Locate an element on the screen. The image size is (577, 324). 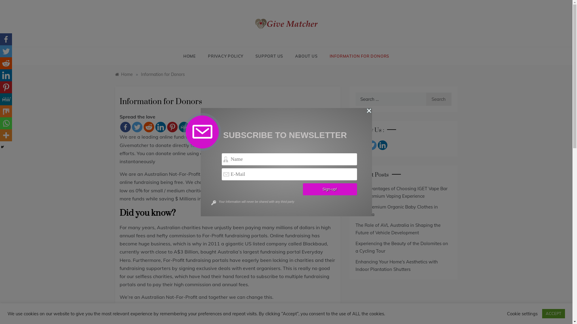
'Home' is located at coordinates (115, 74).